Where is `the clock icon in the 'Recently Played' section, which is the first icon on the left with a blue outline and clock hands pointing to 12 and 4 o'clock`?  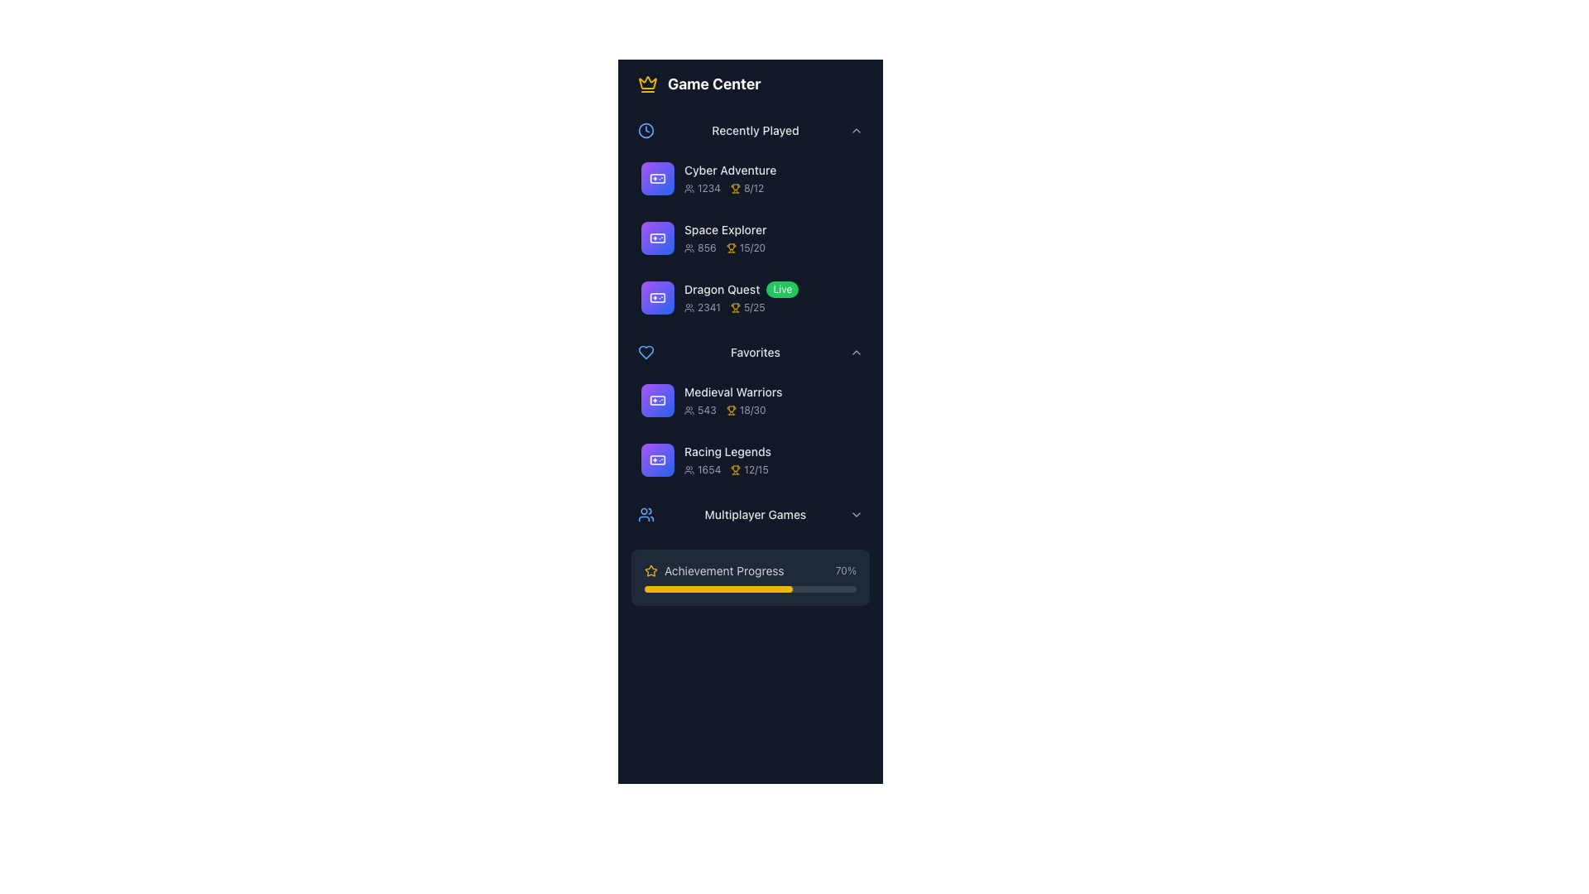 the clock icon in the 'Recently Played' section, which is the first icon on the left with a blue outline and clock hands pointing to 12 and 4 o'clock is located at coordinates (646, 130).